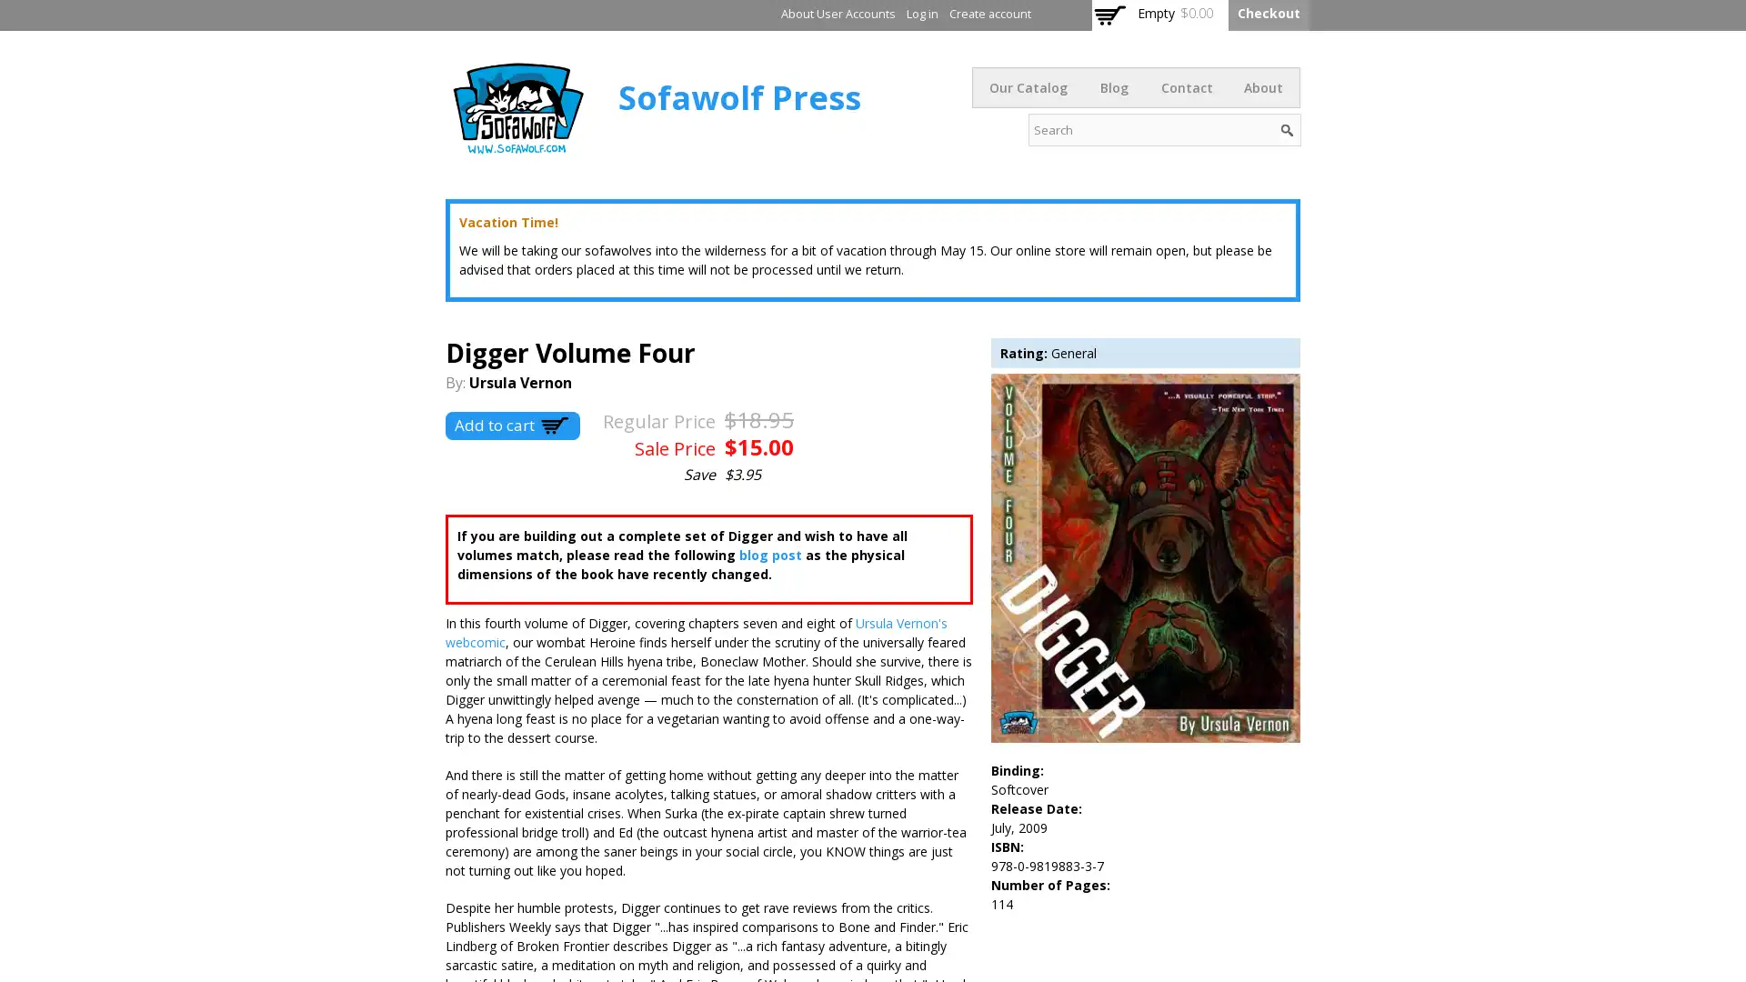 The image size is (1746, 982). What do you see at coordinates (1286, 127) in the screenshot?
I see `Apply` at bounding box center [1286, 127].